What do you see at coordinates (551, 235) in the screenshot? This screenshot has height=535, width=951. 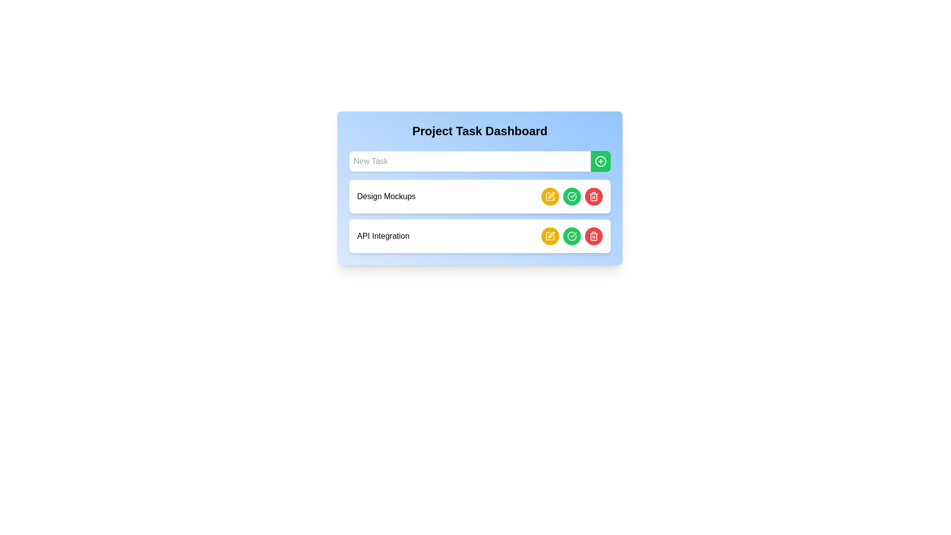 I see `the editing icon located at the left of the green checkmark icon within the task card` at bounding box center [551, 235].